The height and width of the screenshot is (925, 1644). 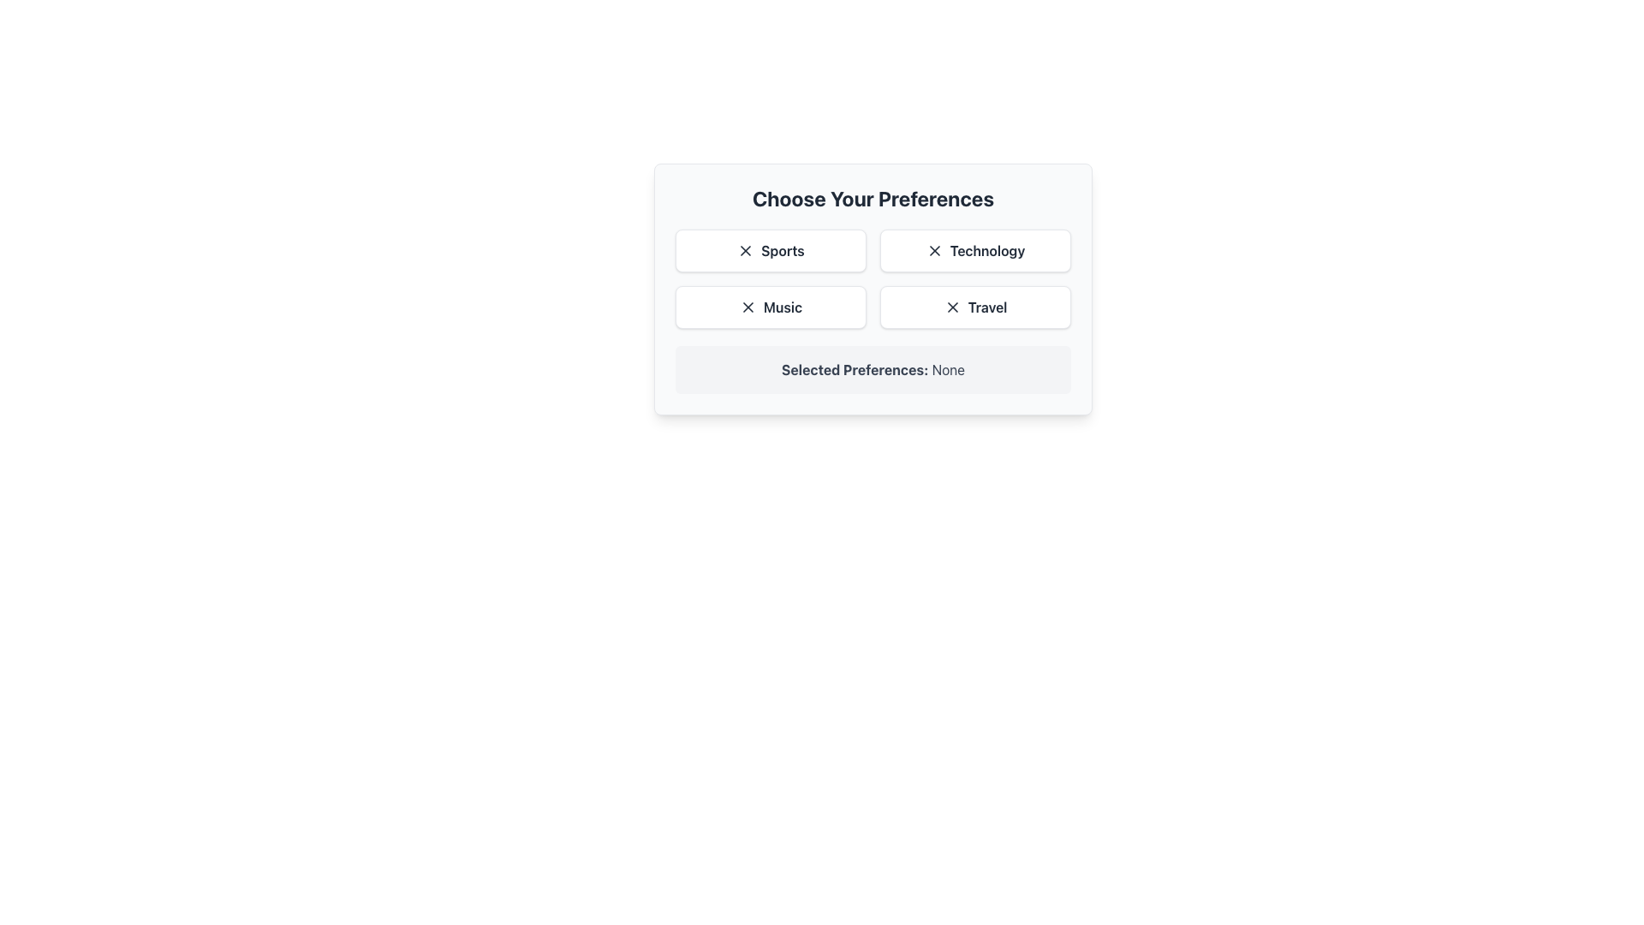 I want to click on the top-left icon within the 'Sports' button in the 'Choose Your Preferences' section to clear the selection, so click(x=745, y=251).